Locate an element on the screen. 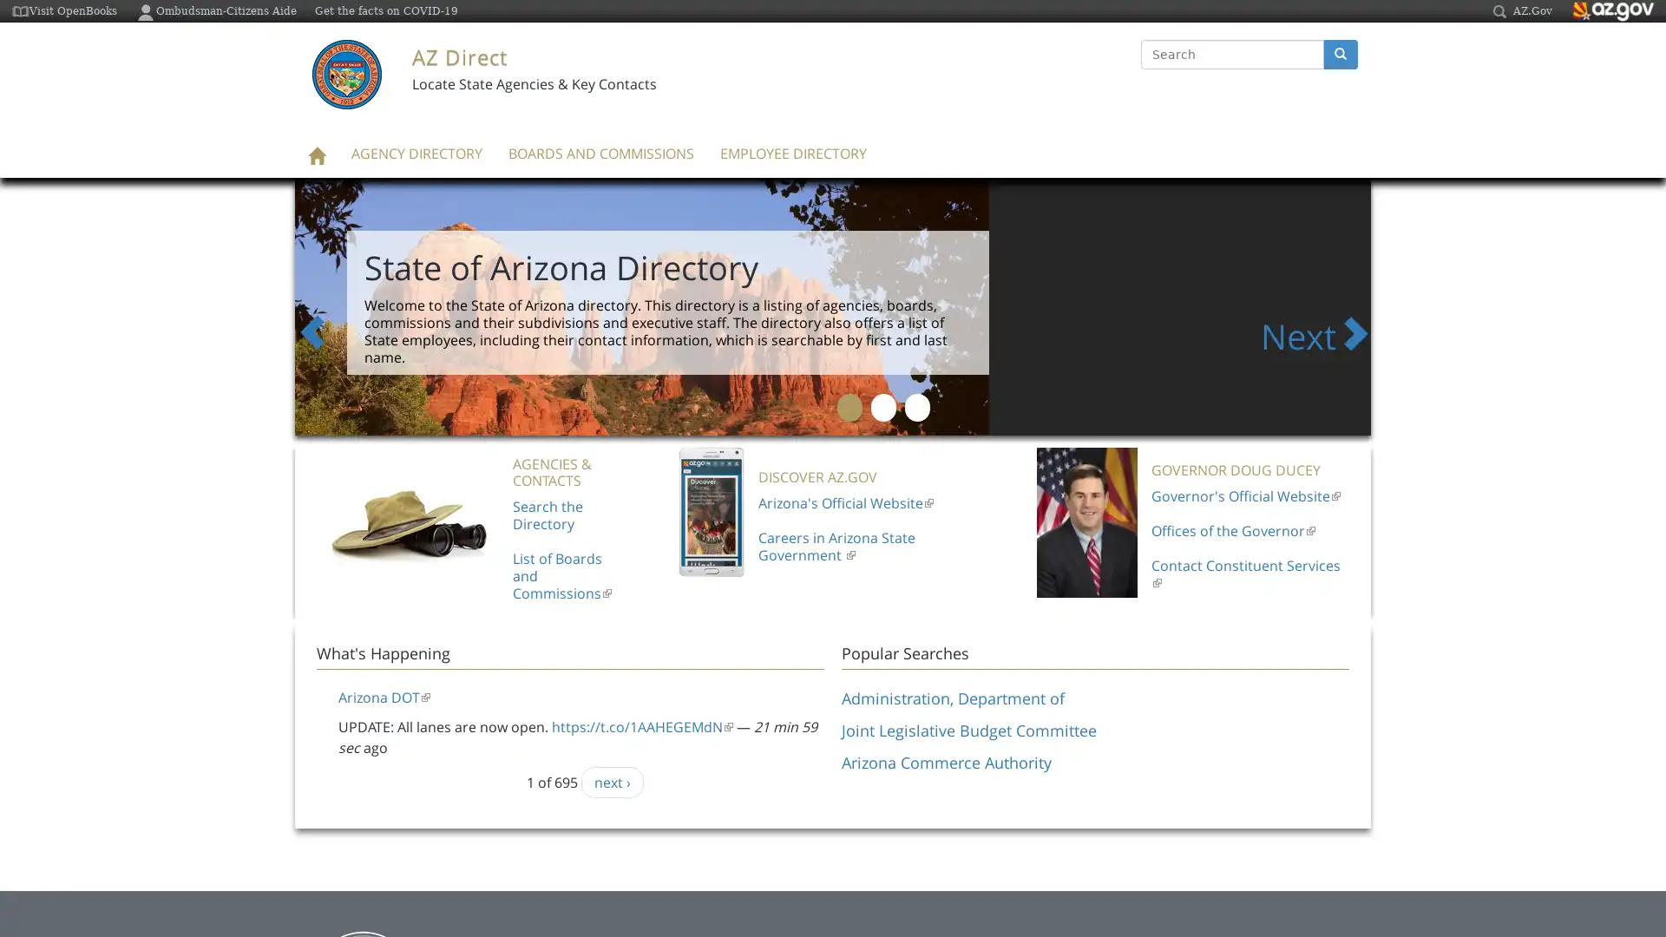 This screenshot has width=1666, height=937. Search is located at coordinates (1141, 69).